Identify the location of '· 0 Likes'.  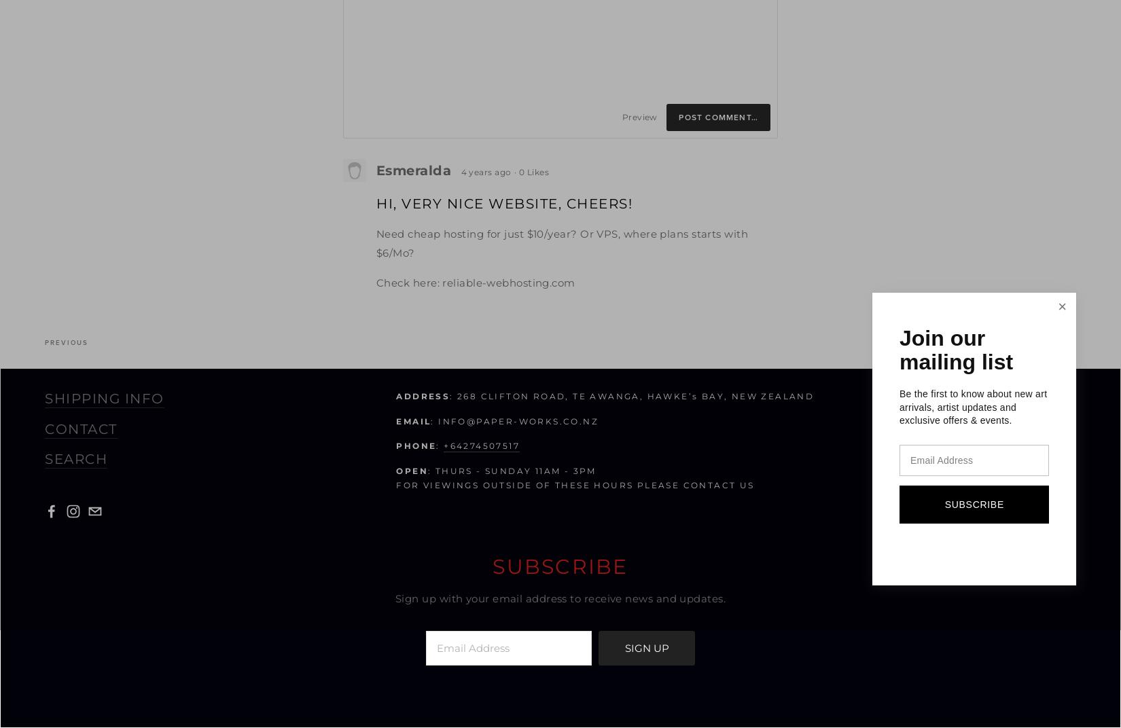
(530, 171).